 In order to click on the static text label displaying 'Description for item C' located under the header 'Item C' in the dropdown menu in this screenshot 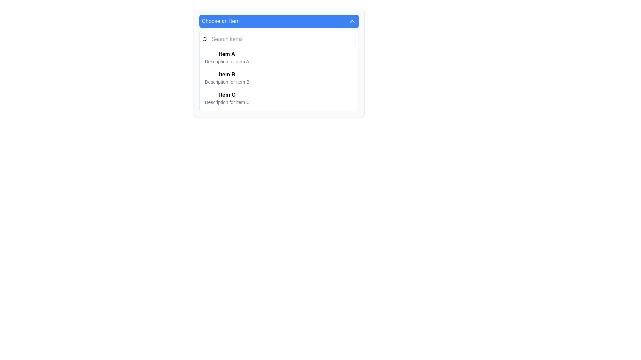, I will do `click(227, 102)`.